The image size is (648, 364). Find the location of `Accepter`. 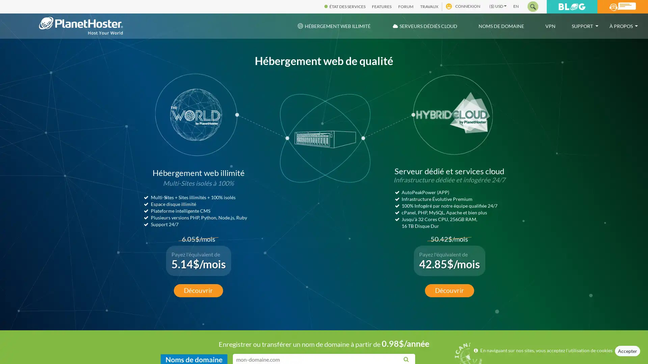

Accepter is located at coordinates (627, 351).